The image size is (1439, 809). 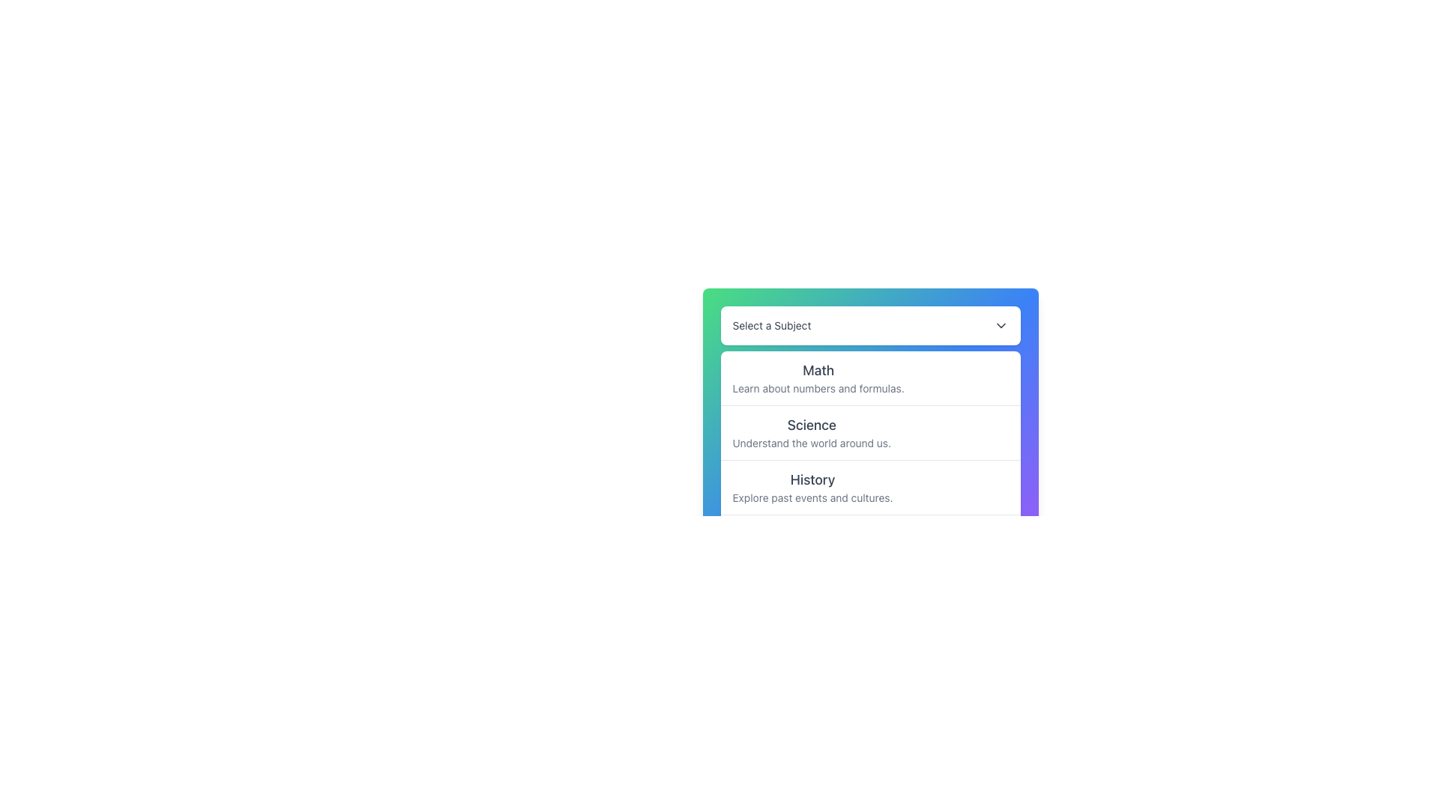 I want to click on the downward-pointing chevron icon button on the right side of the 'Select a Subject' dropdown header, so click(x=1001, y=325).